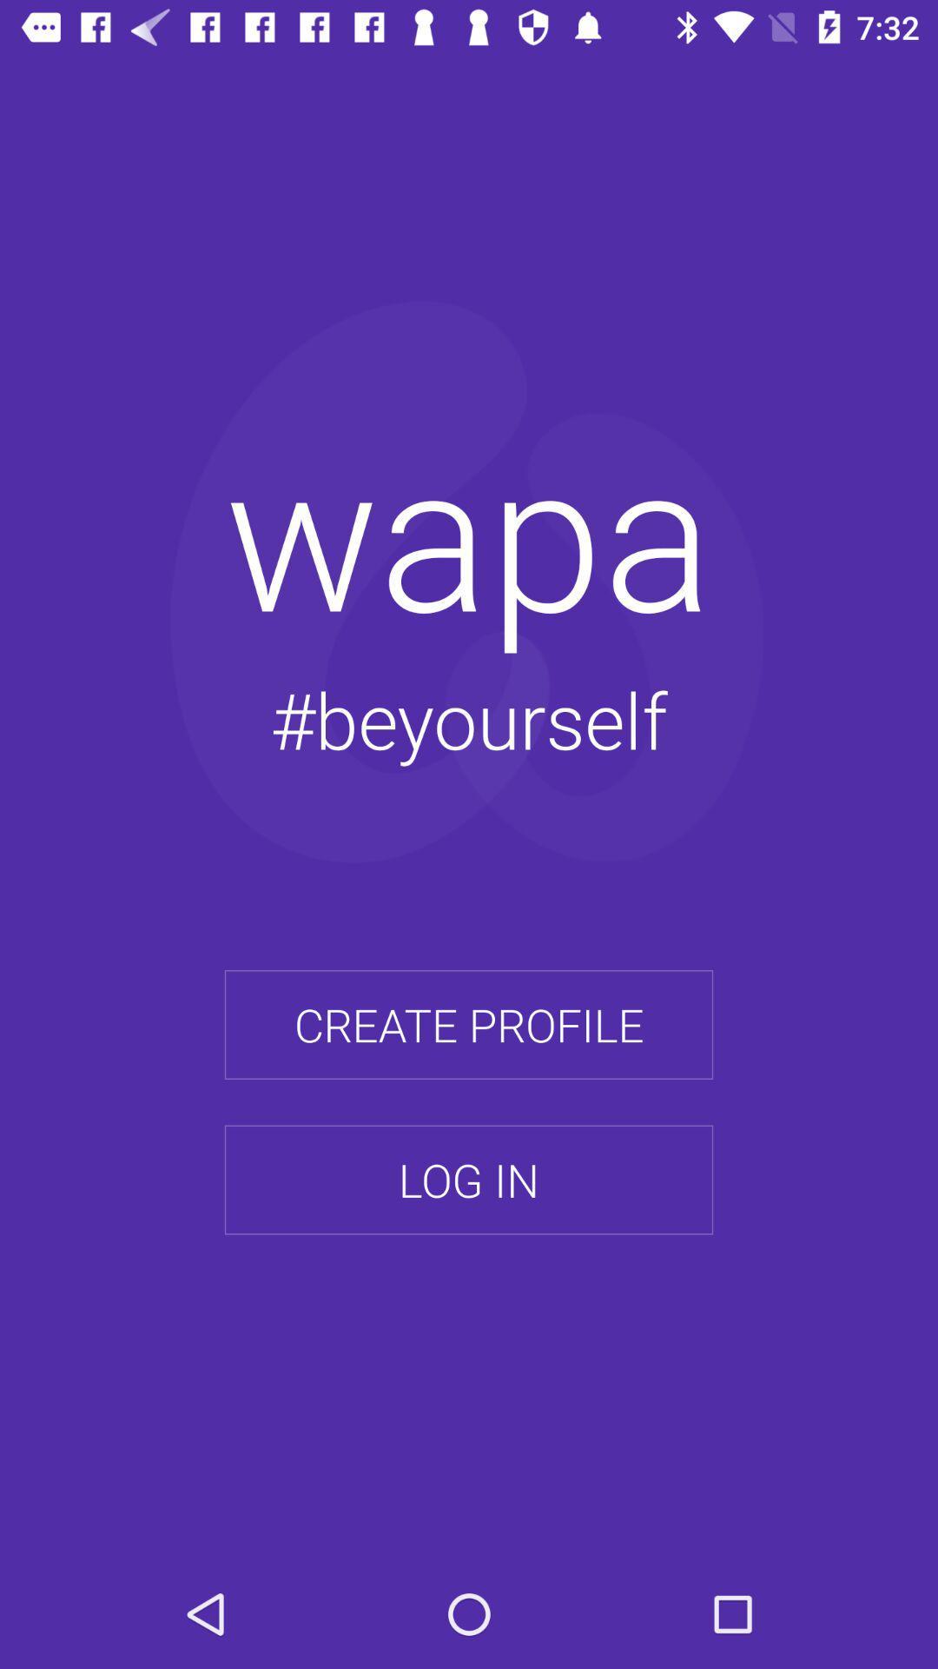  What do you see at coordinates (469, 1180) in the screenshot?
I see `the log in` at bounding box center [469, 1180].